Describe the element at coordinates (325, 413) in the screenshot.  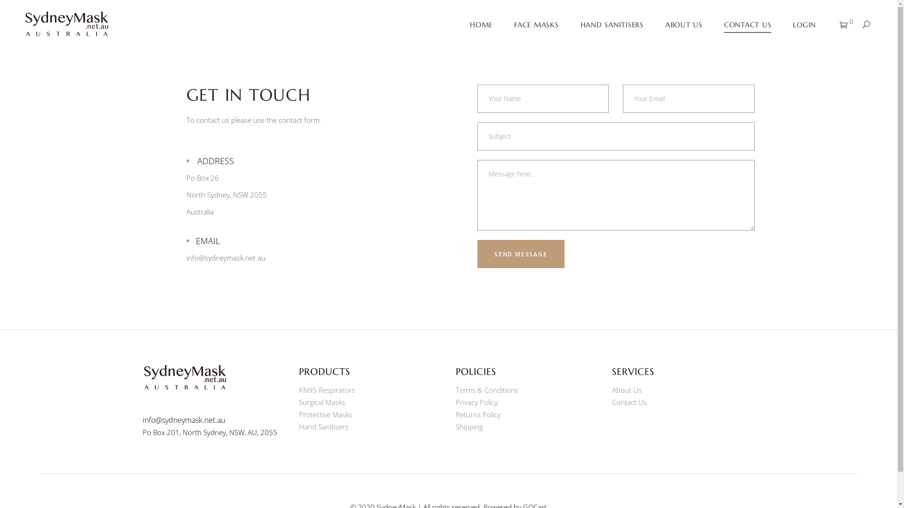
I see `'Protective Masks'` at that location.